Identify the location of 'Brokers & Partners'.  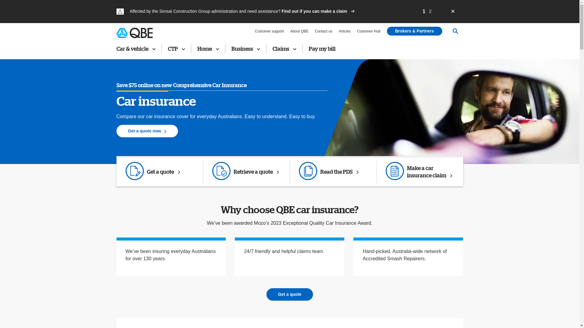
(414, 31).